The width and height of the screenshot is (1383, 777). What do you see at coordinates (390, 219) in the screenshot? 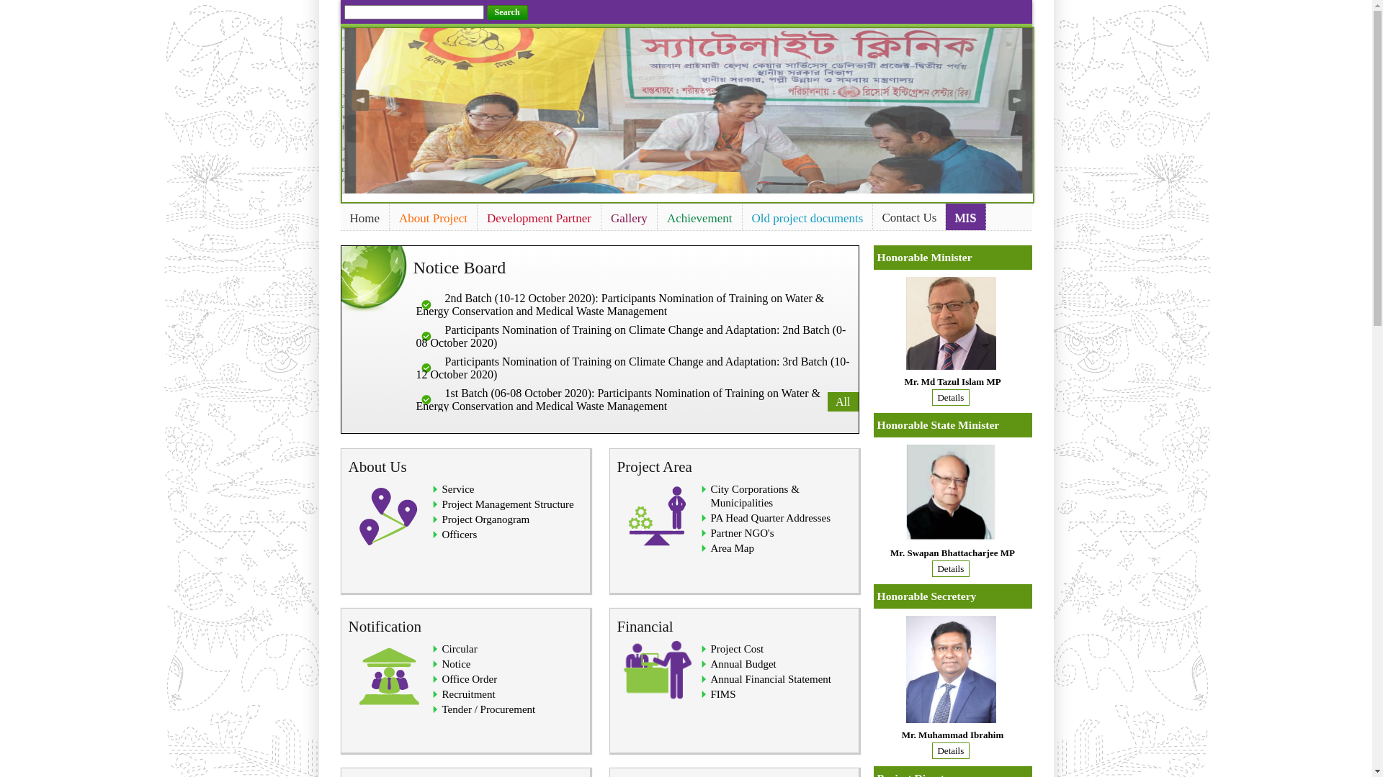
I see `'About Project'` at bounding box center [390, 219].